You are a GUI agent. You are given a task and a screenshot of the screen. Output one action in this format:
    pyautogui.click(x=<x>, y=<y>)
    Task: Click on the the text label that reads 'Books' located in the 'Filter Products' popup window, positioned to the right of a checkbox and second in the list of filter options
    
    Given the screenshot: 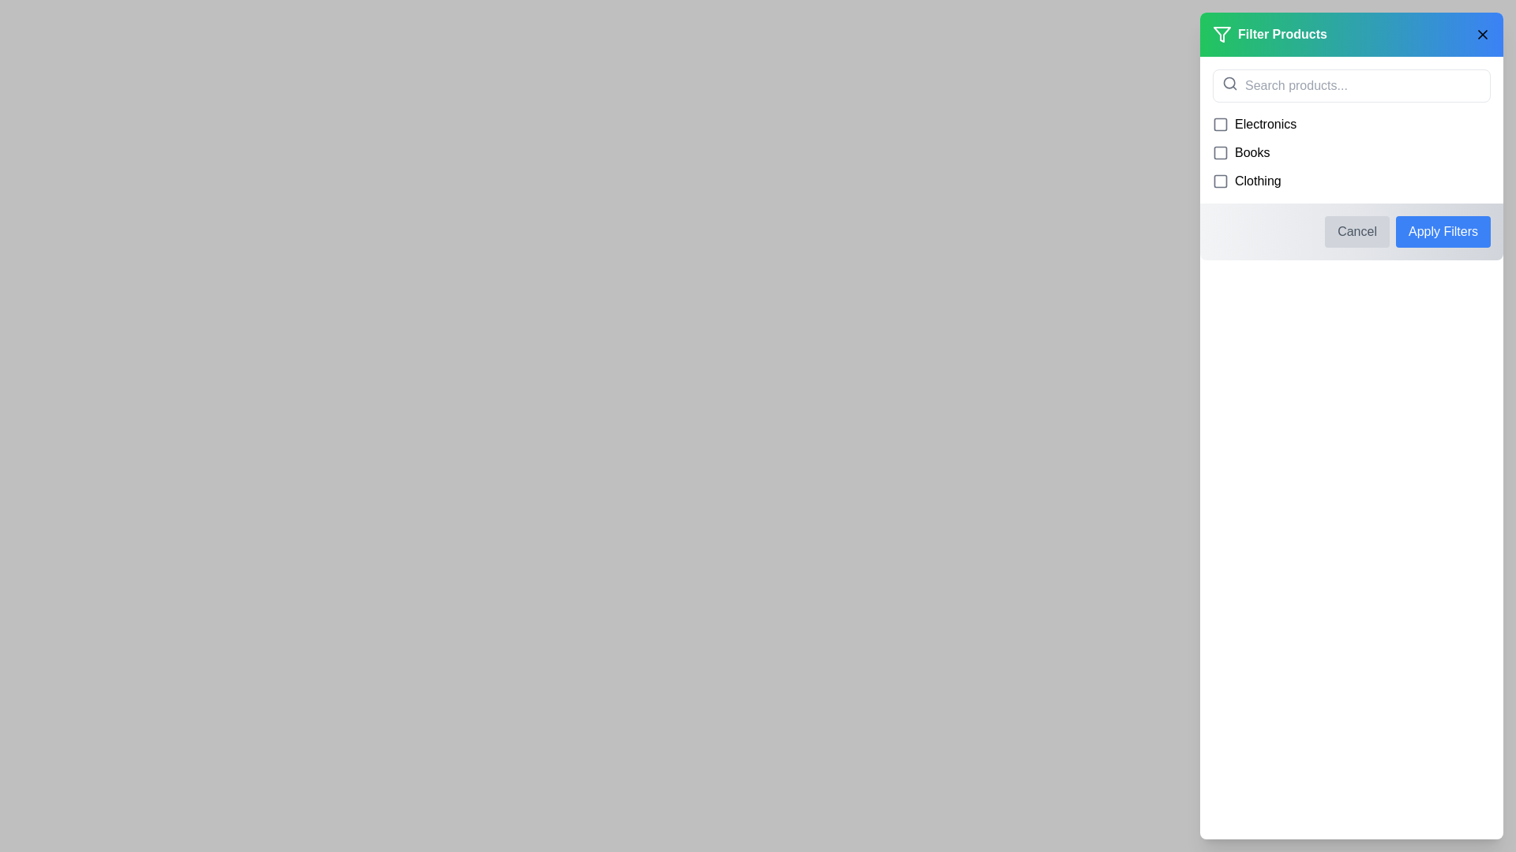 What is the action you would take?
    pyautogui.click(x=1251, y=152)
    